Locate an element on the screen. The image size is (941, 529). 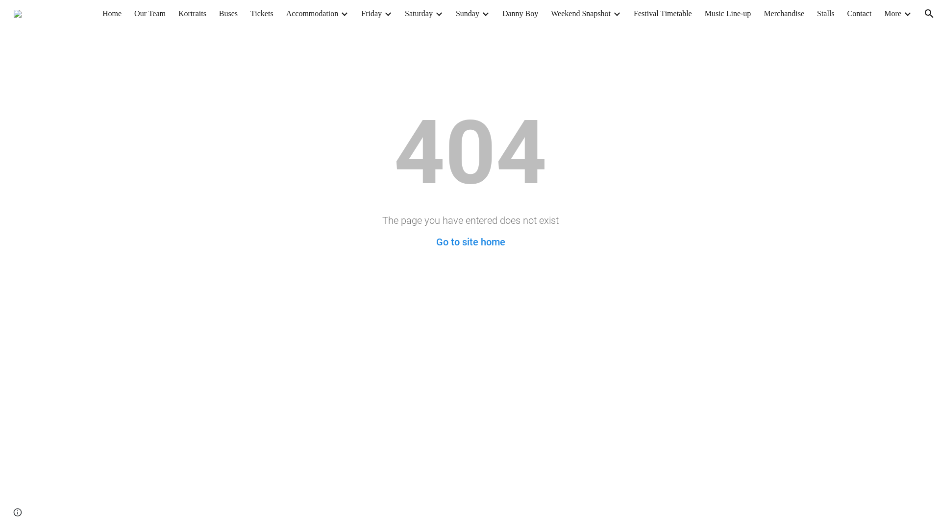
'Weekend Snapshot' is located at coordinates (581, 13).